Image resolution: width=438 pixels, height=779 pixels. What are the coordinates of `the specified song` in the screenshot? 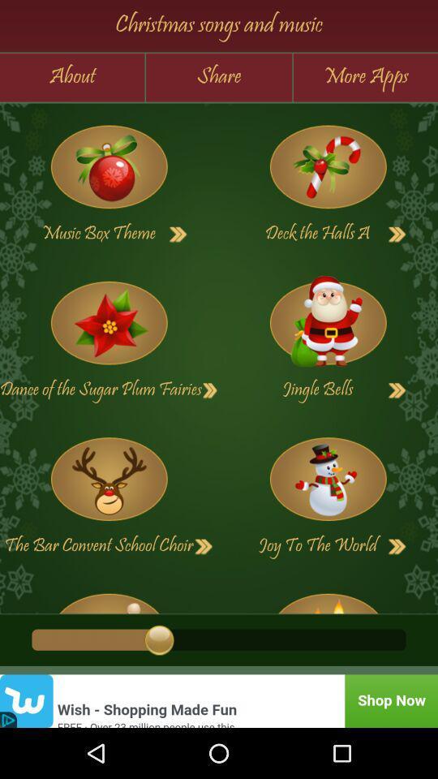 It's located at (328, 167).